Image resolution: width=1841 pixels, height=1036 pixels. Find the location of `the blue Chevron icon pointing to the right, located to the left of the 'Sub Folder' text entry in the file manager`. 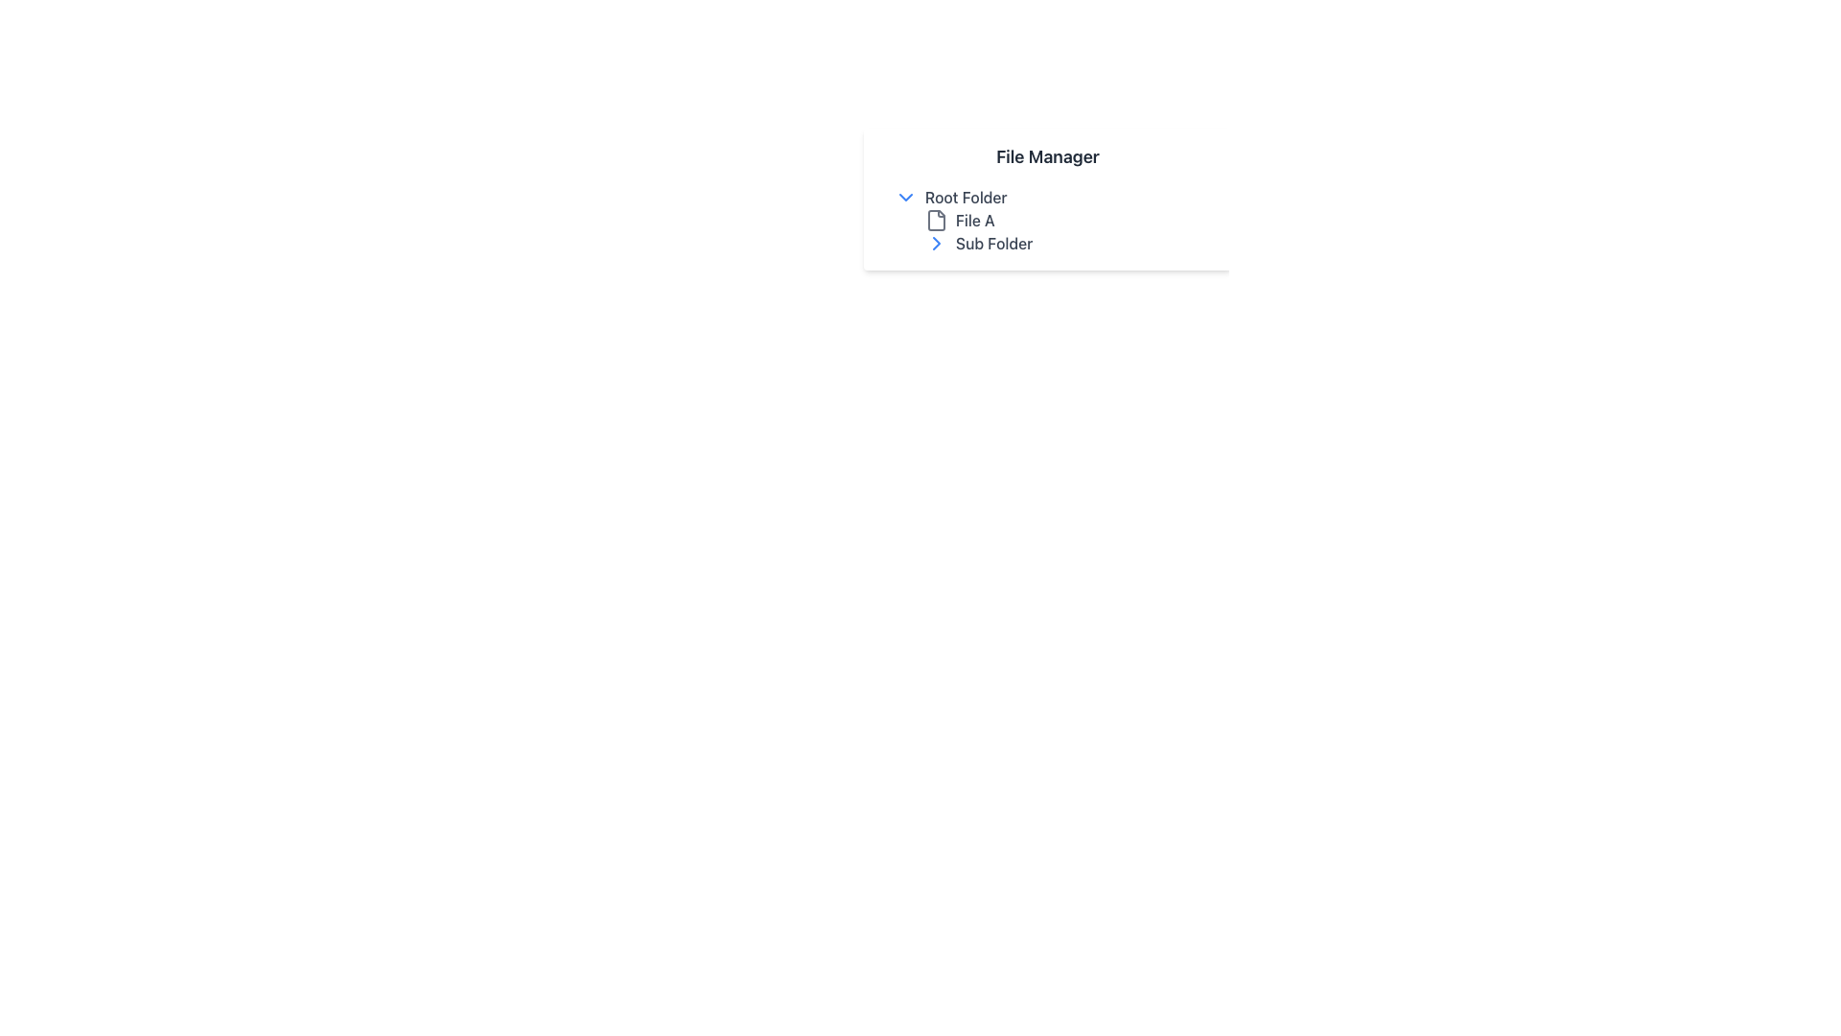

the blue Chevron icon pointing to the right, located to the left of the 'Sub Folder' text entry in the file manager is located at coordinates (937, 243).